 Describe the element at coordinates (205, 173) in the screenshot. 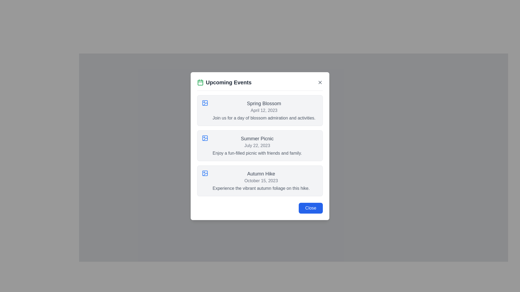

I see `the small blue icon resembling an image symbol, located to the left of the 'Autumn Hike' text in the 'Upcoming Events' section, aligned with the entry for 'October 15, 2023'` at that location.